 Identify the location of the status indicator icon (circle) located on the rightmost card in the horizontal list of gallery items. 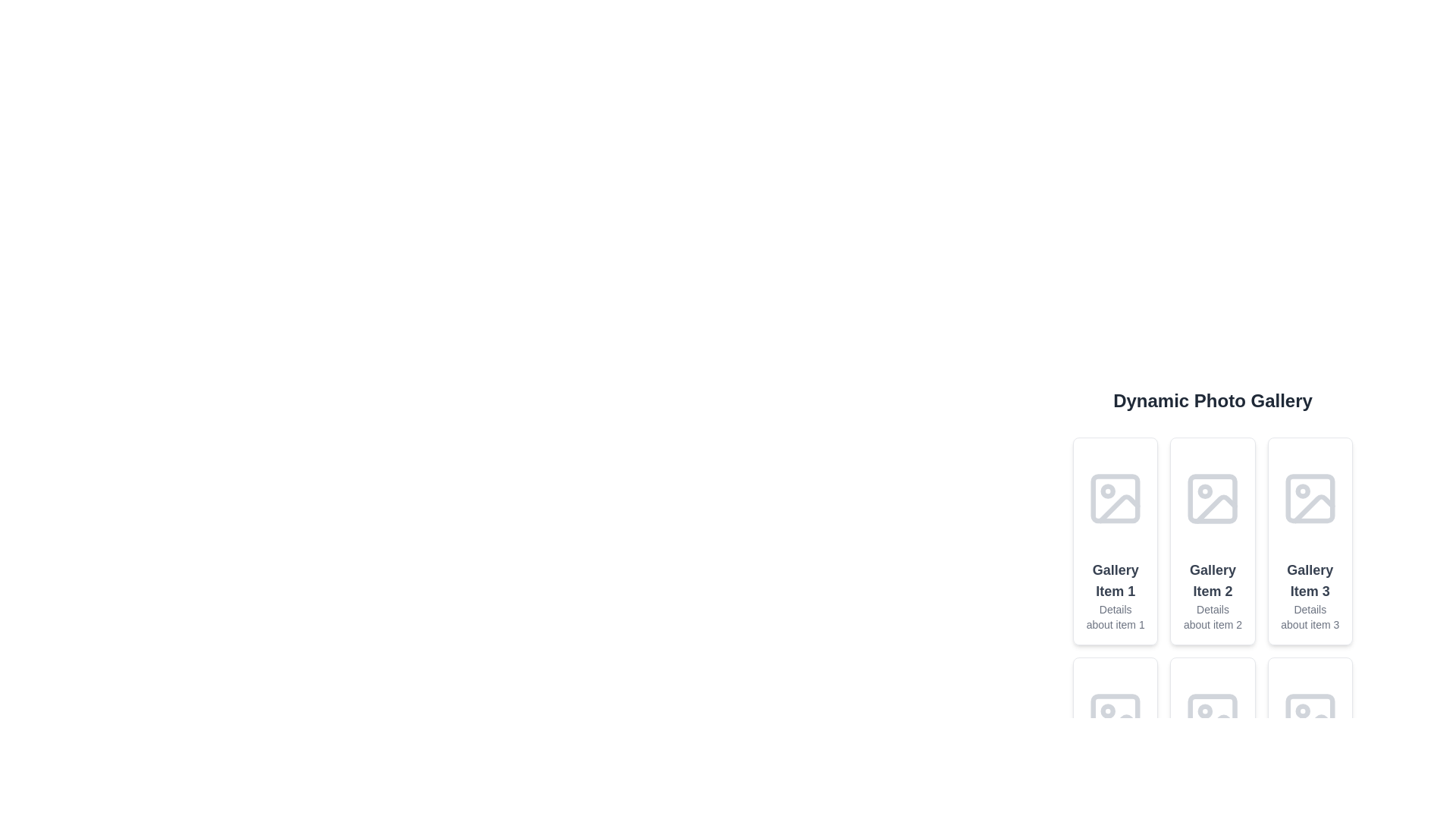
(1302, 491).